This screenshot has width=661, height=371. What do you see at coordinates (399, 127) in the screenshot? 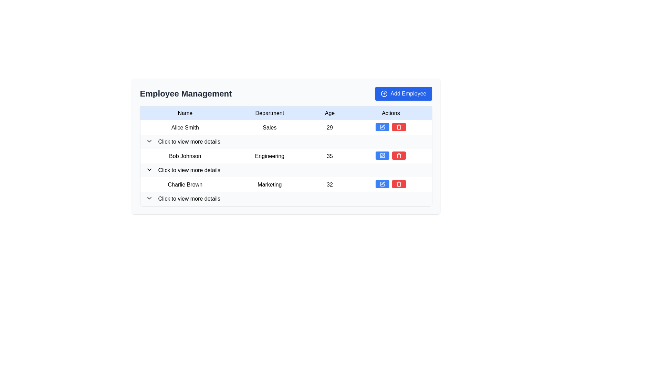
I see `the red button with a trash icon located in the actions section of the first row of the employee table` at bounding box center [399, 127].